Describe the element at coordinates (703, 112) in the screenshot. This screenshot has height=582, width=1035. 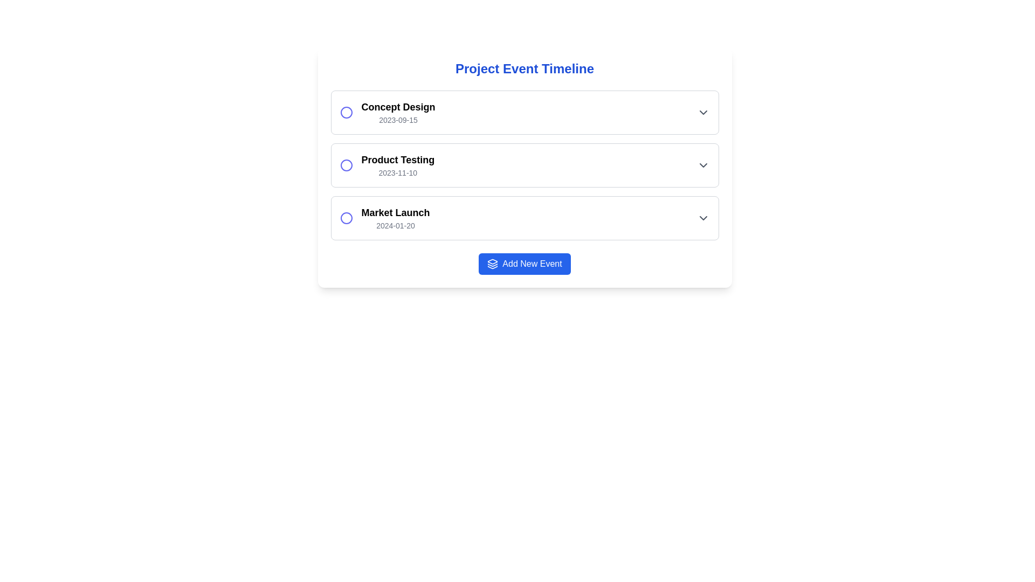
I see `the chevron-down icon at the far right end of the list item row containing 'Concept Design' and '2023-09-15'` at that location.